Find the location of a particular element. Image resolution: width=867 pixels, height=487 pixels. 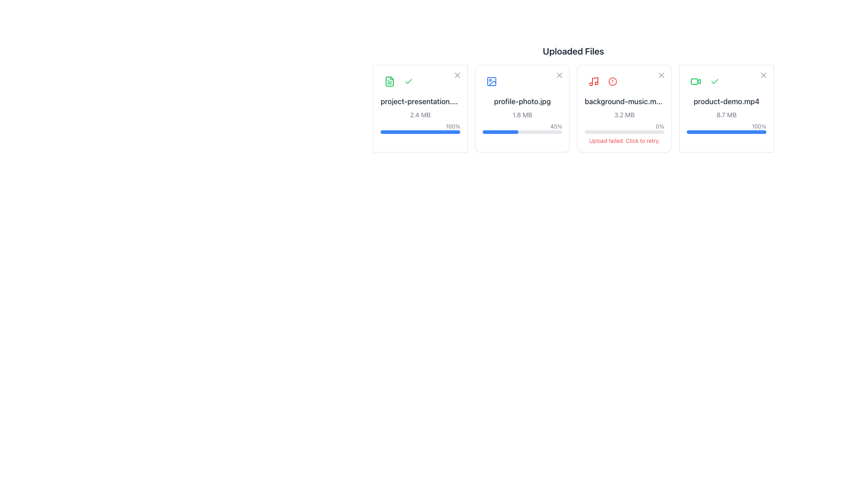

the 'X' SVG graphic element representing a close button located in the top-right corner of the UI panel is located at coordinates (763, 74).